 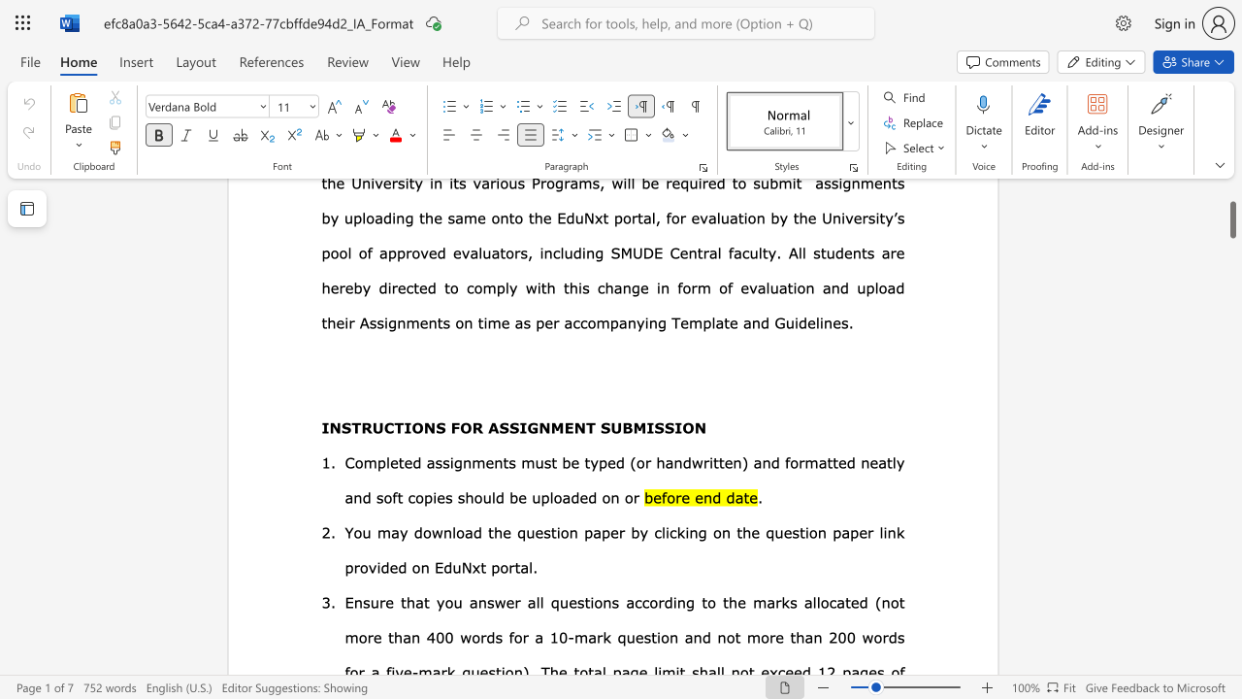 I want to click on the scrollbar and move up 270 pixels, so click(x=1231, y=212).